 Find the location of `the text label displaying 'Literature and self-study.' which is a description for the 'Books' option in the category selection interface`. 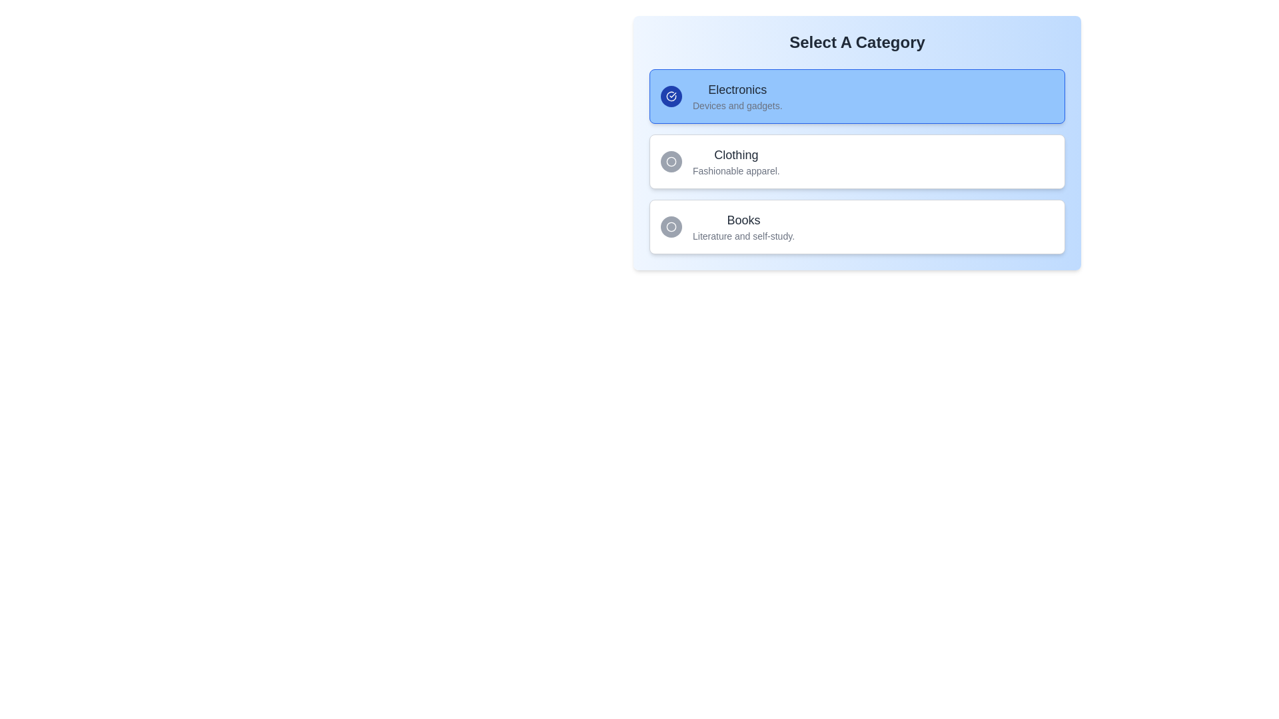

the text label displaying 'Literature and self-study.' which is a description for the 'Books' option in the category selection interface is located at coordinates (743, 235).